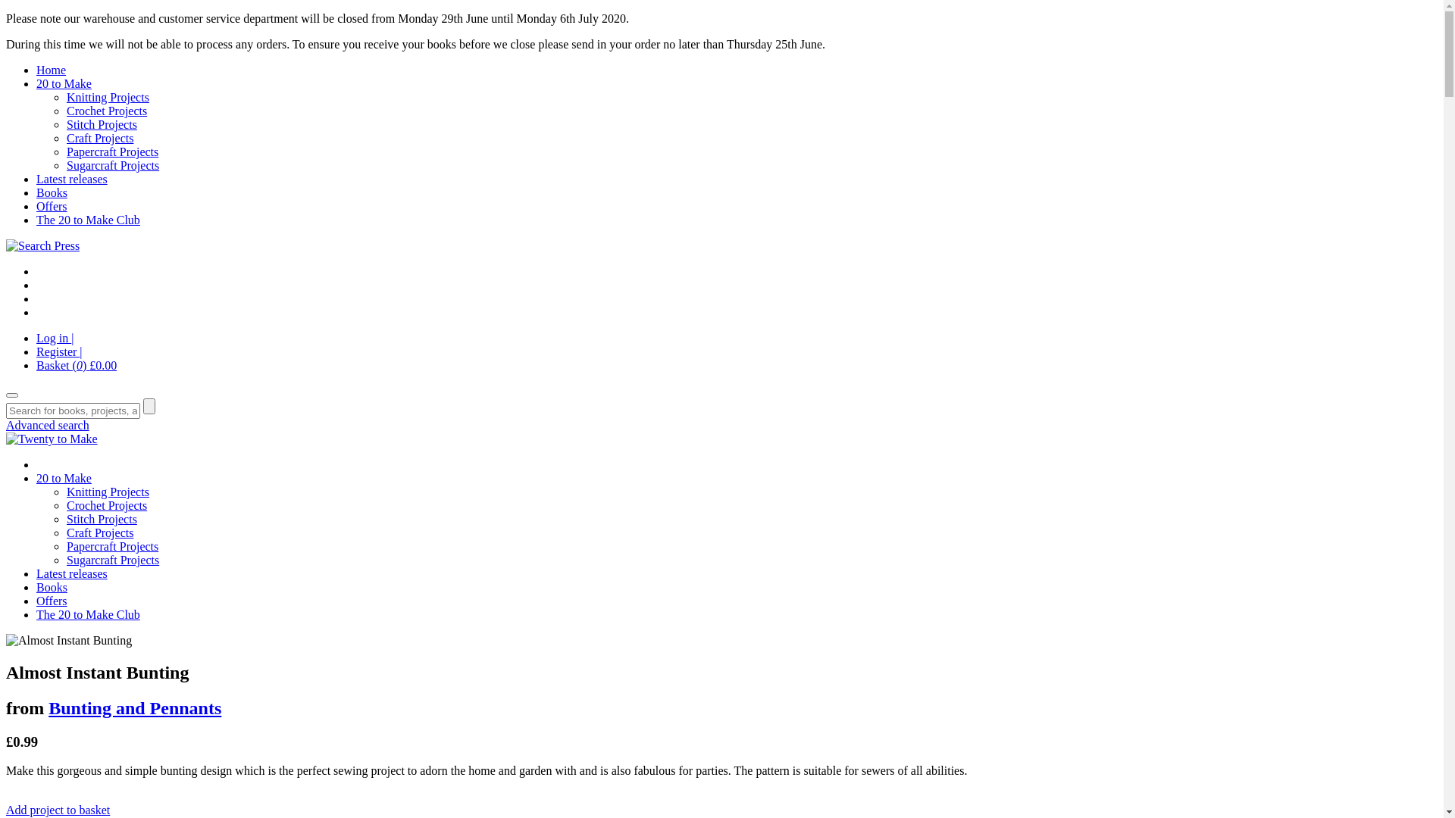 The width and height of the screenshot is (1455, 818). I want to click on 'Knitting Projects', so click(107, 97).